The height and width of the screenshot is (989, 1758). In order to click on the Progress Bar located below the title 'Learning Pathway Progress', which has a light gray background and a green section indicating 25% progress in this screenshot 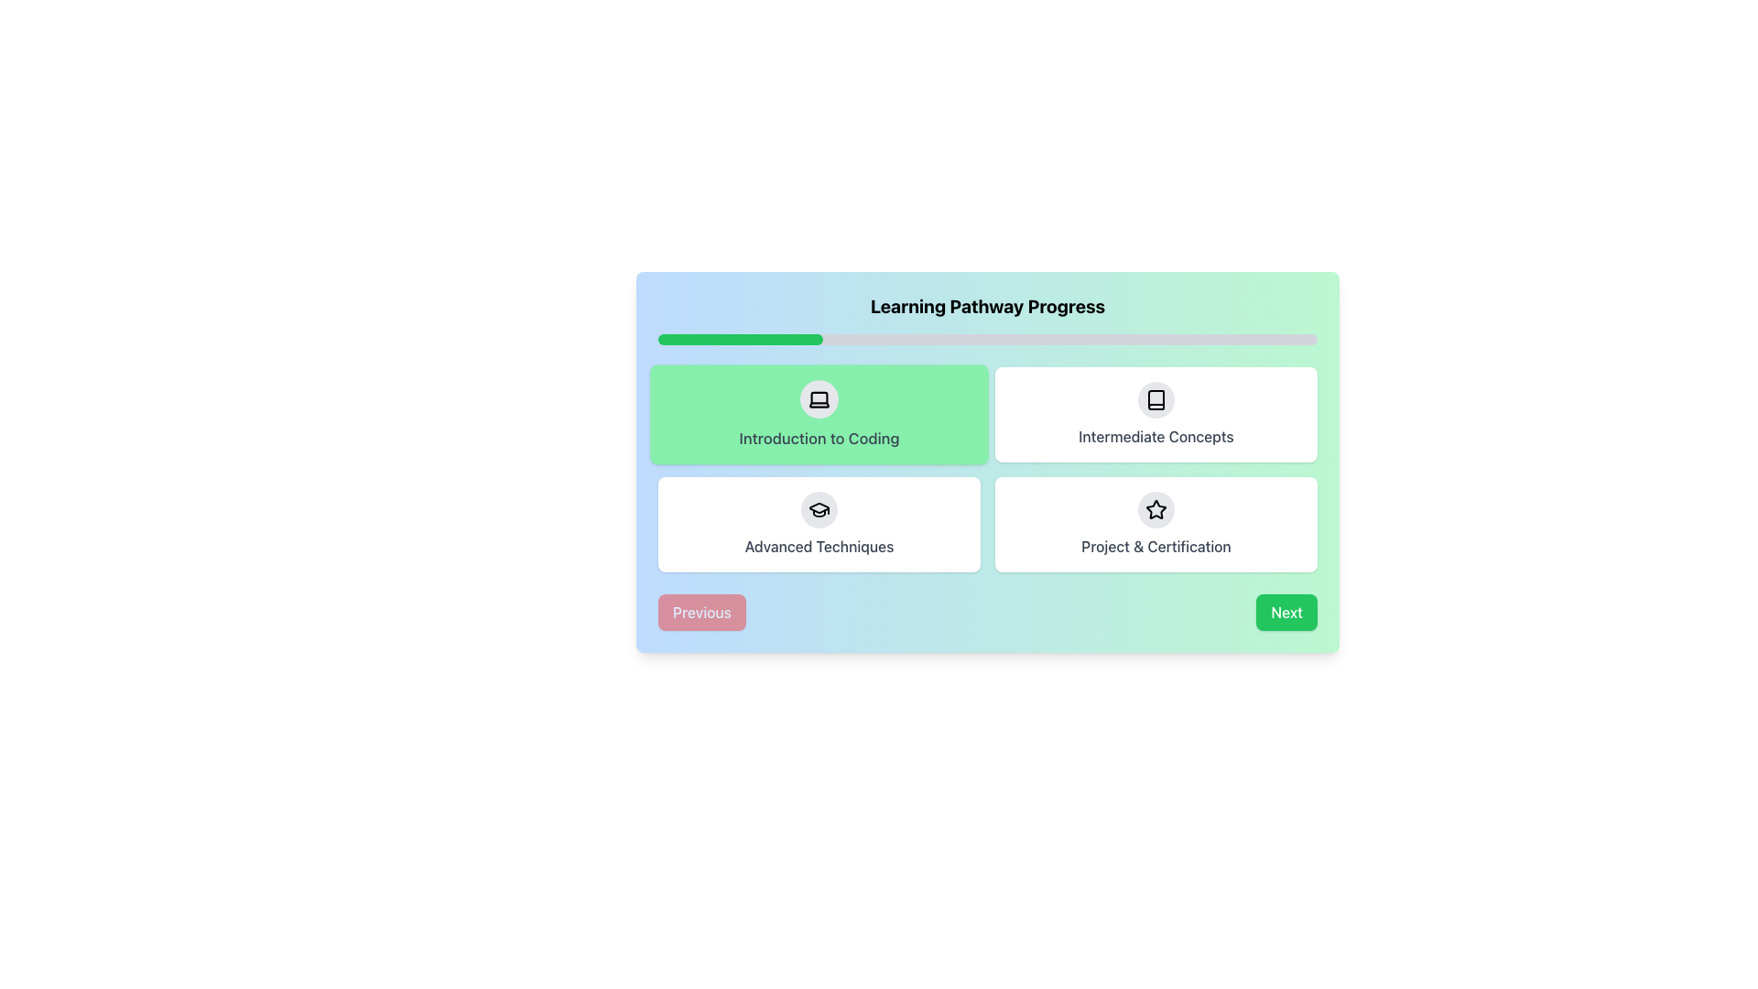, I will do `click(987, 339)`.